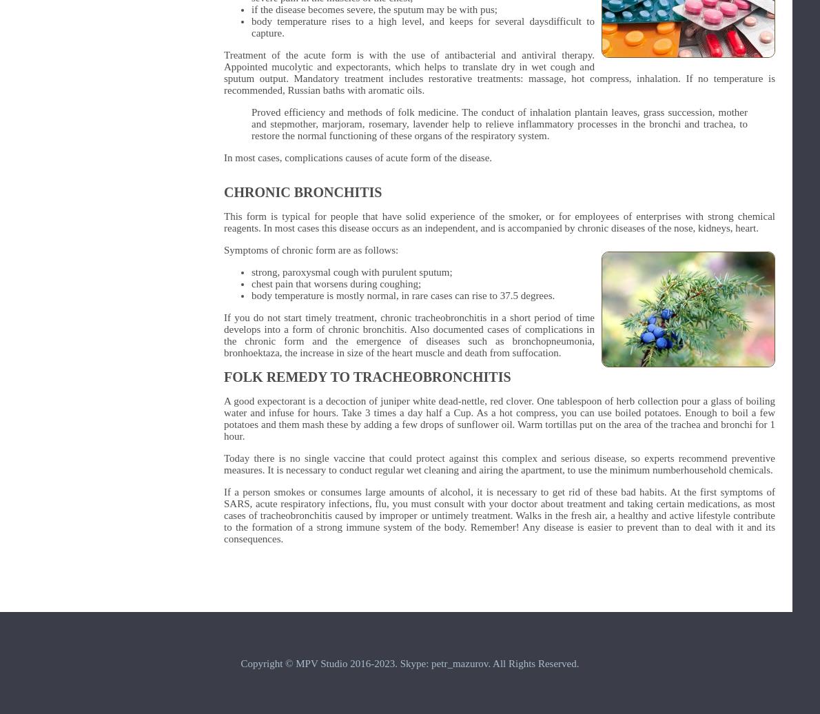 This screenshot has width=820, height=714. What do you see at coordinates (422, 27) in the screenshot?
I see `'body temperature rises to a high level, and keeps for several daysdifficult to capture.'` at bounding box center [422, 27].